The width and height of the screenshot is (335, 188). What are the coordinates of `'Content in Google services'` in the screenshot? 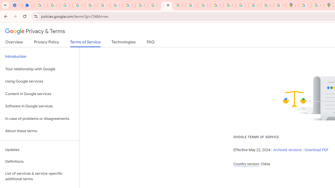 It's located at (40, 93).